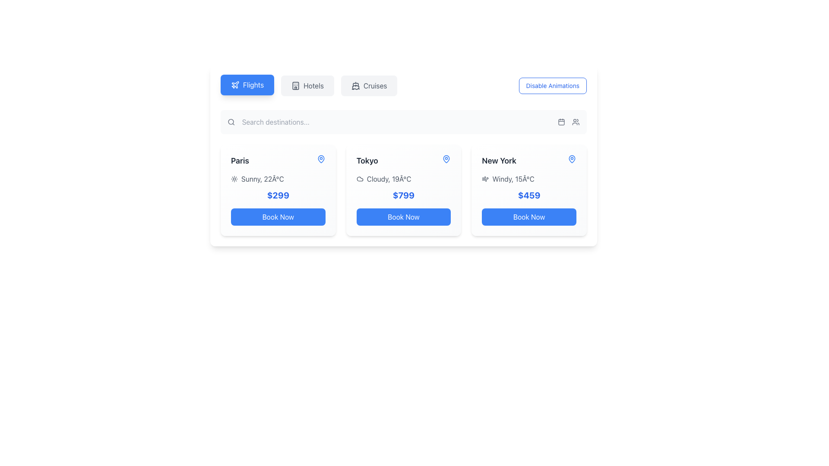  I want to click on the weather and price information element for the destination 'Paris', which displays 'Sunny, 22°C' and '$299', located in the center of the card, so click(278, 187).